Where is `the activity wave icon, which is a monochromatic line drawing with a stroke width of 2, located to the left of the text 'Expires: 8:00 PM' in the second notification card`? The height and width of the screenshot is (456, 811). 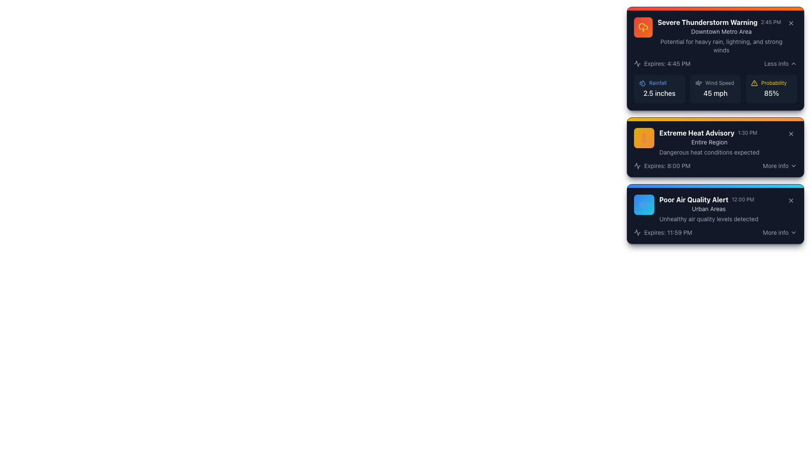 the activity wave icon, which is a monochromatic line drawing with a stroke width of 2, located to the left of the text 'Expires: 8:00 PM' in the second notification card is located at coordinates (637, 166).